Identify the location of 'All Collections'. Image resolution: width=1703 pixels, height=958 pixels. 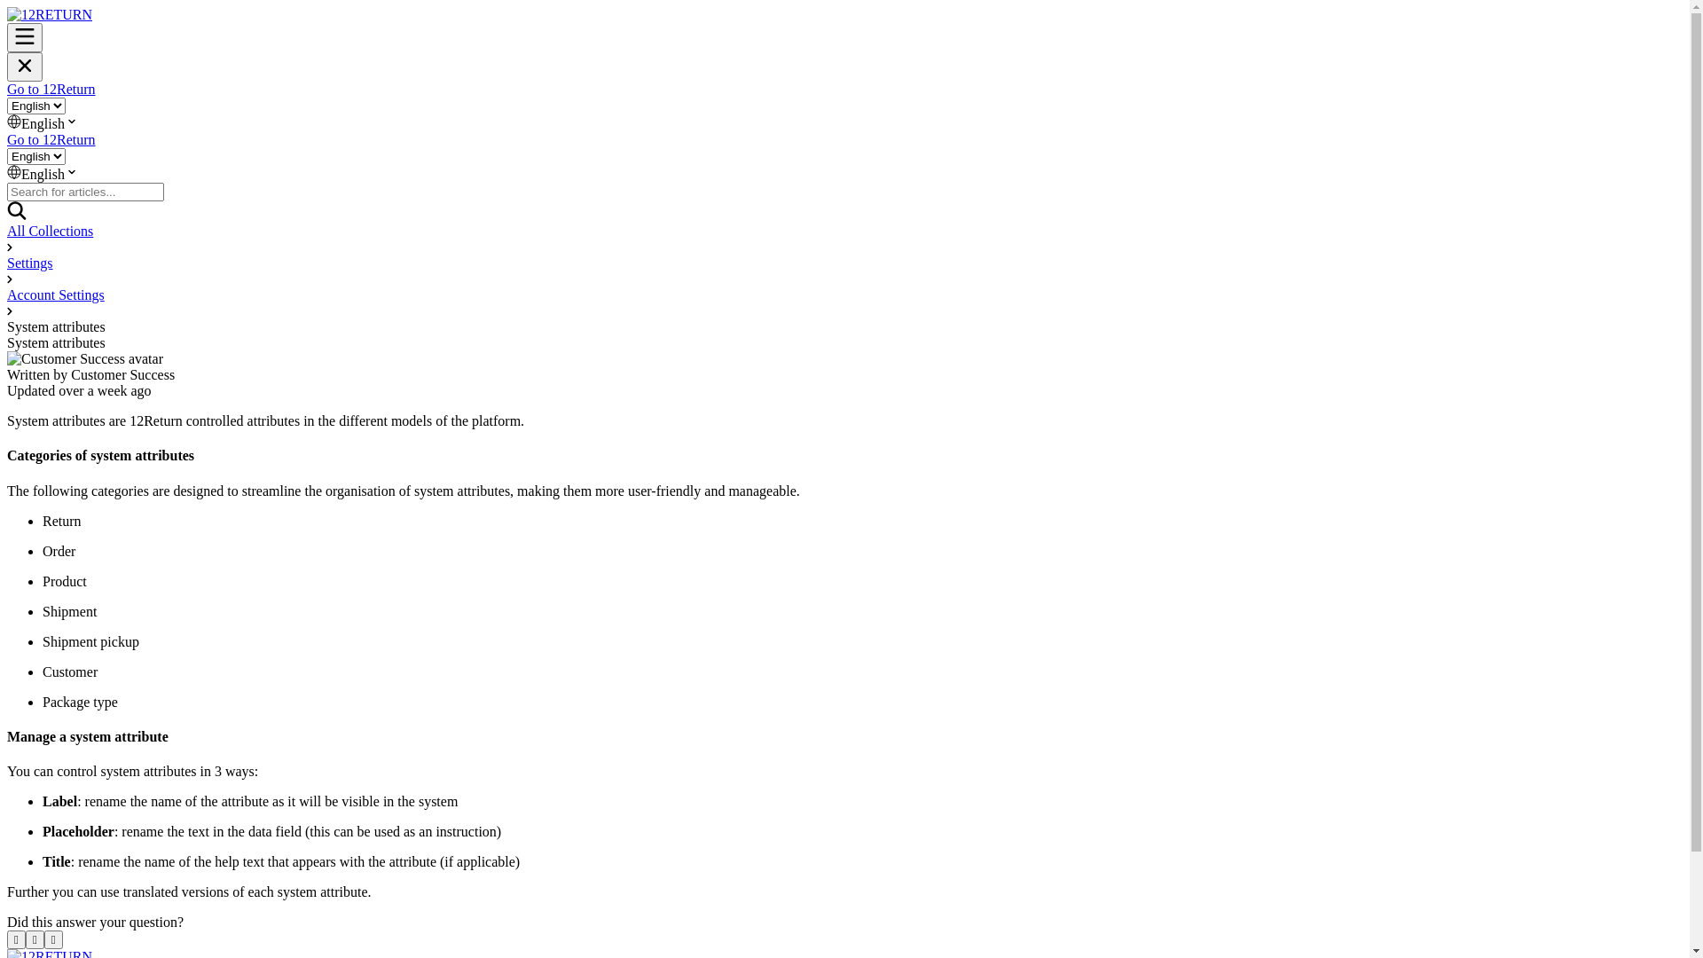
(7, 230).